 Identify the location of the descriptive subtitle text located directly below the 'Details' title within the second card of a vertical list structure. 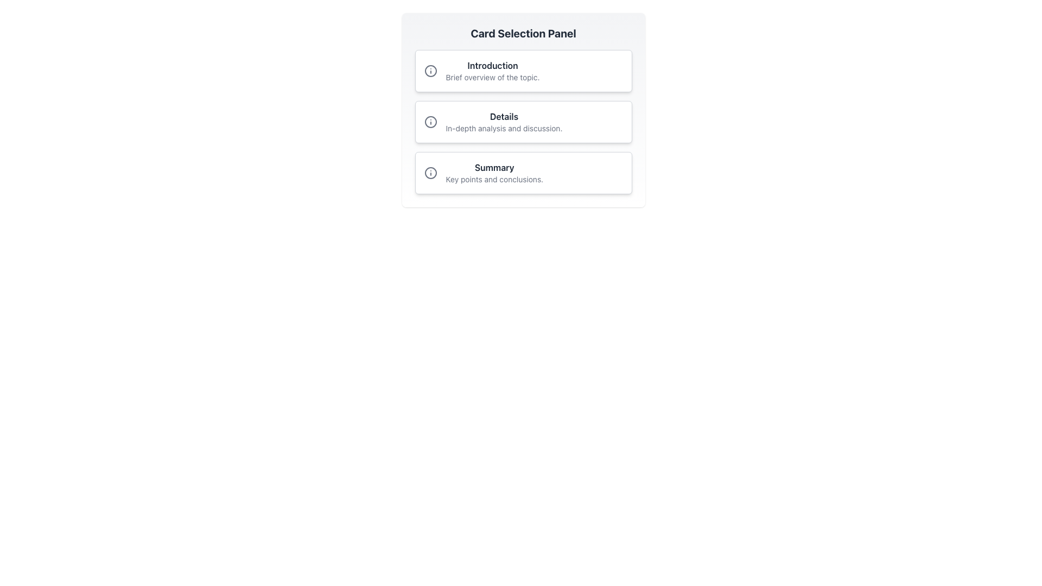
(503, 128).